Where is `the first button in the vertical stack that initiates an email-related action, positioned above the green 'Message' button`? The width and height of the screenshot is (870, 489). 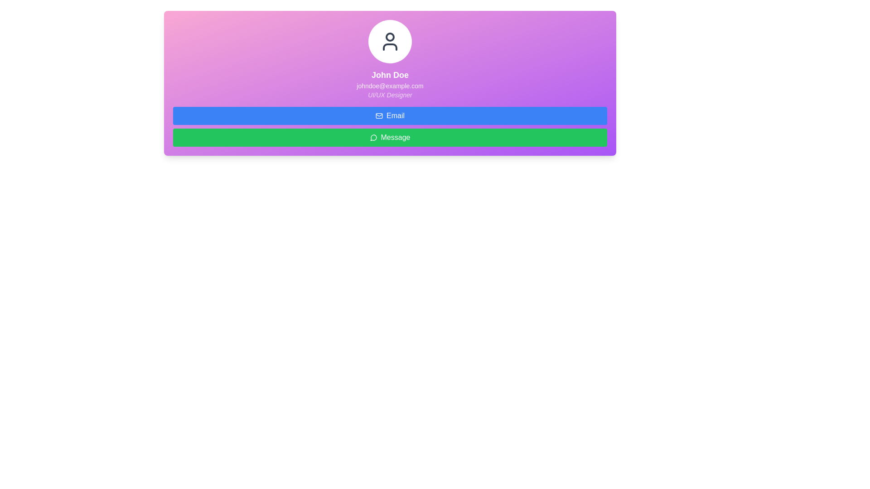 the first button in the vertical stack that initiates an email-related action, positioned above the green 'Message' button is located at coordinates (390, 115).